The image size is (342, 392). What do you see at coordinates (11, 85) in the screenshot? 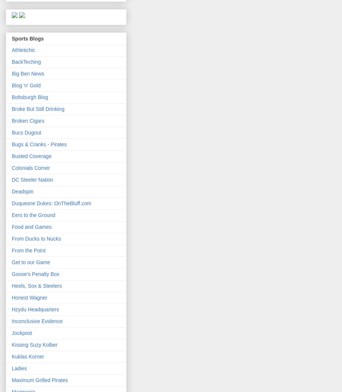
I see `'Blog 'n' Gold'` at bounding box center [11, 85].